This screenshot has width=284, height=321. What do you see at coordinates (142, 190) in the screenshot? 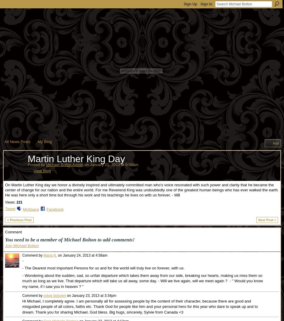
I see `'On Martin Luther King day we honor a divinely inspired and ultimately committed man who's voice resonated with such power and clarity that he became the center of change for our nation and the entire world. For me Reverend King was undoubtedly one of the greatest human beings who has ever walked the earth. He was here only a short time but through his work and his teachings he lives on with us forever. - MB'` at bounding box center [142, 190].